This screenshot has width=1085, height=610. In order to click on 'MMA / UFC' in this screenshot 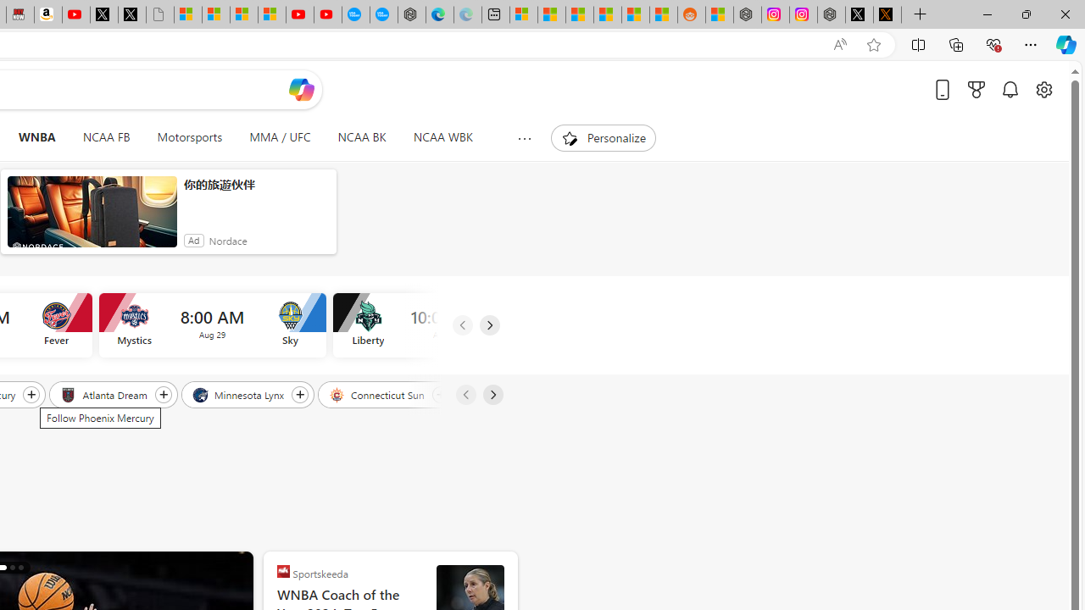, I will do `click(280, 137)`.